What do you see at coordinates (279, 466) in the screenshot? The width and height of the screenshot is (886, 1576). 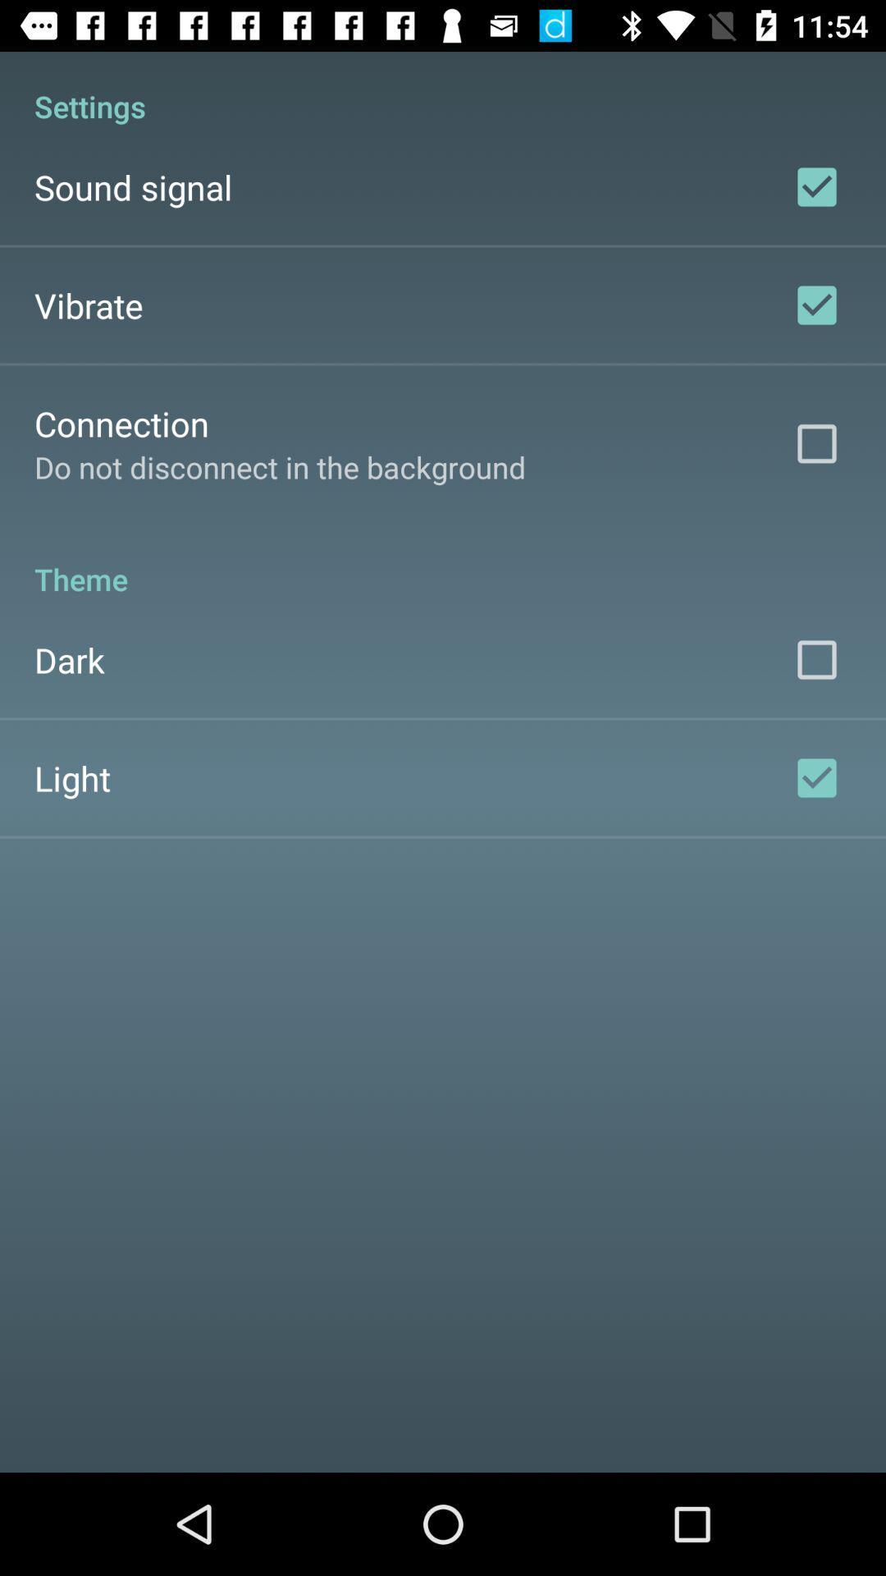 I see `the icon above theme item` at bounding box center [279, 466].